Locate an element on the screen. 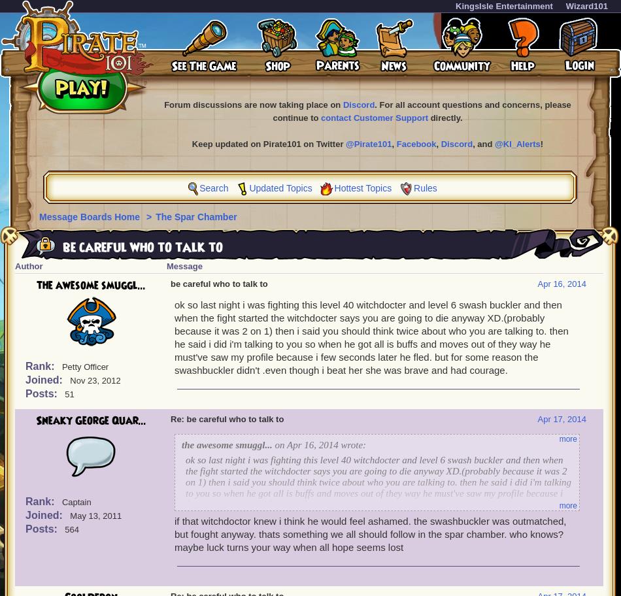 Image resolution: width=621 pixels, height=596 pixels. 'Author' is located at coordinates (28, 266).